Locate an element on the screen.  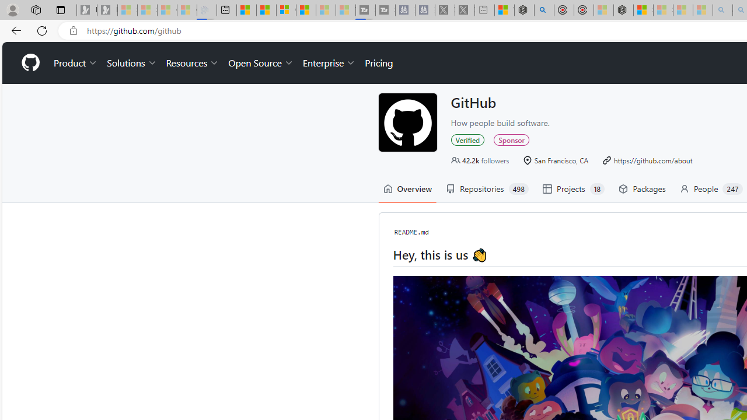
'Solutions' is located at coordinates (131, 63).